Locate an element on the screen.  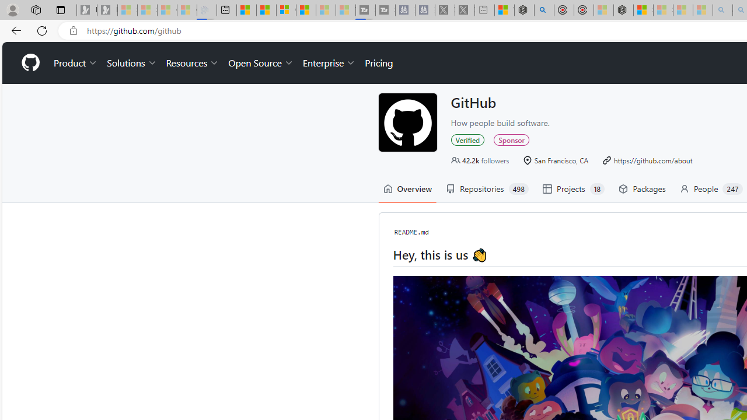
'Solutions' is located at coordinates (131, 63).